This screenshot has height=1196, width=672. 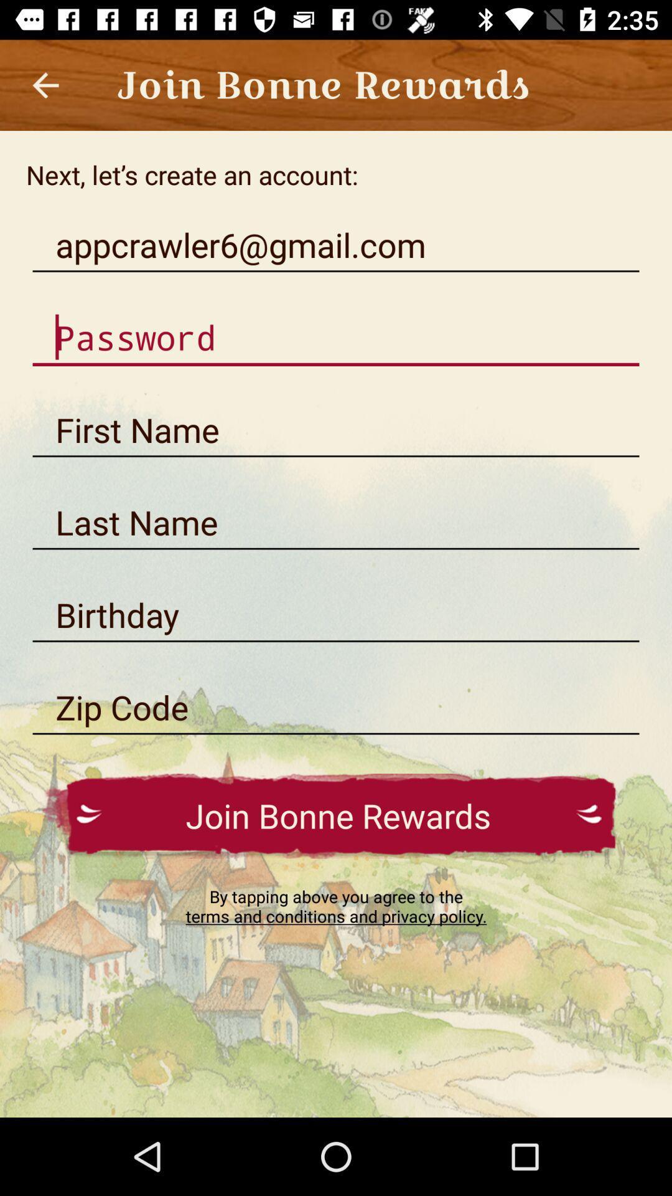 What do you see at coordinates (336, 523) in the screenshot?
I see `last name` at bounding box center [336, 523].